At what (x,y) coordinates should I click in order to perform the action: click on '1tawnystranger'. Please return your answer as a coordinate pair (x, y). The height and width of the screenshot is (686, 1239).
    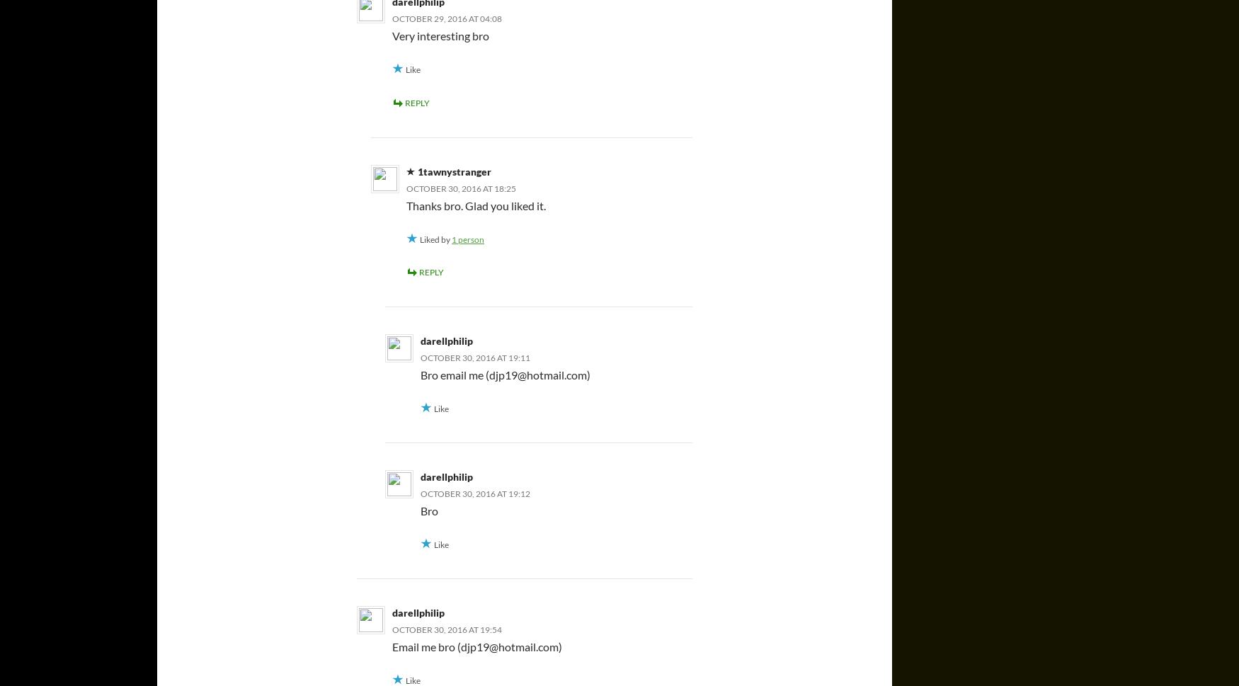
    Looking at the image, I should click on (454, 170).